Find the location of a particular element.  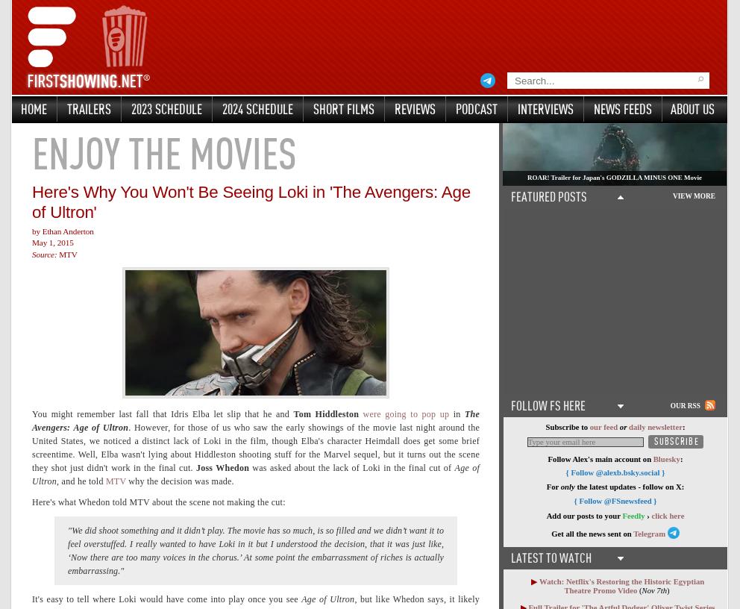

'VIEW MORE' is located at coordinates (693, 195).